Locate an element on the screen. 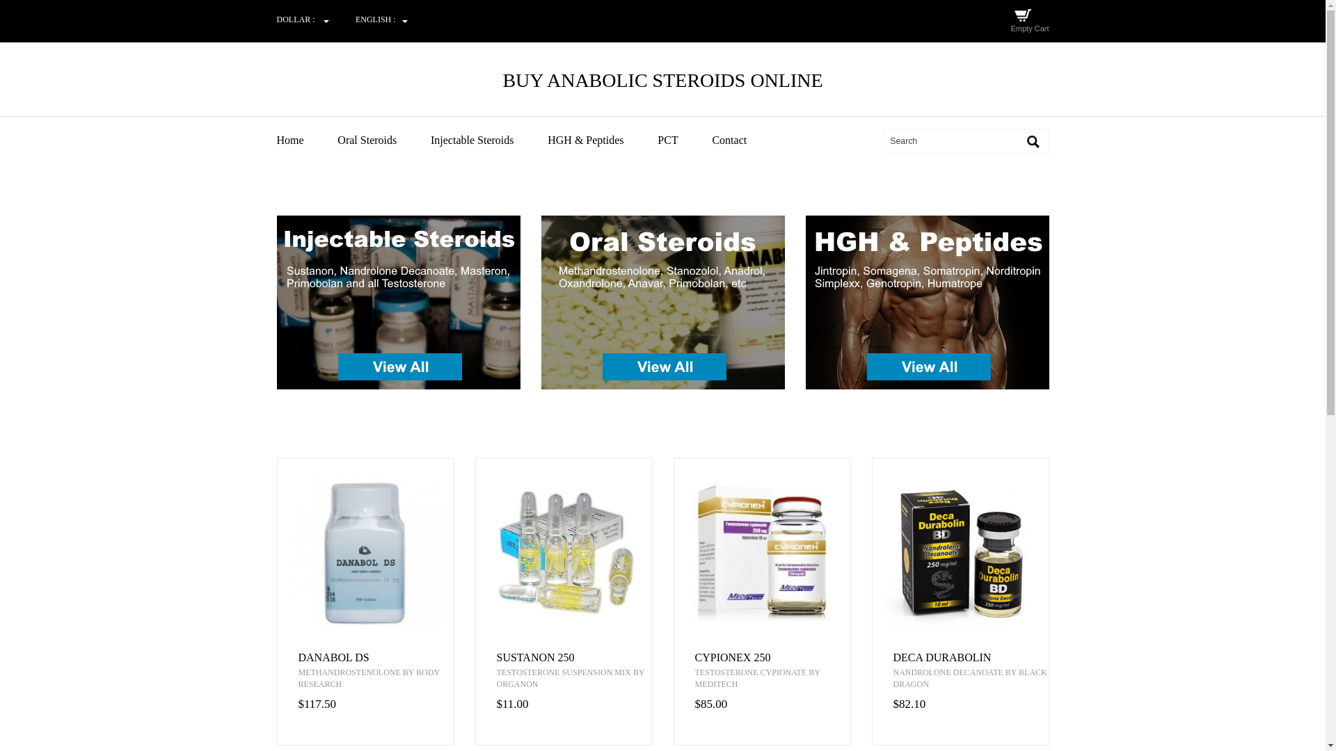  'Contact' is located at coordinates (711, 140).